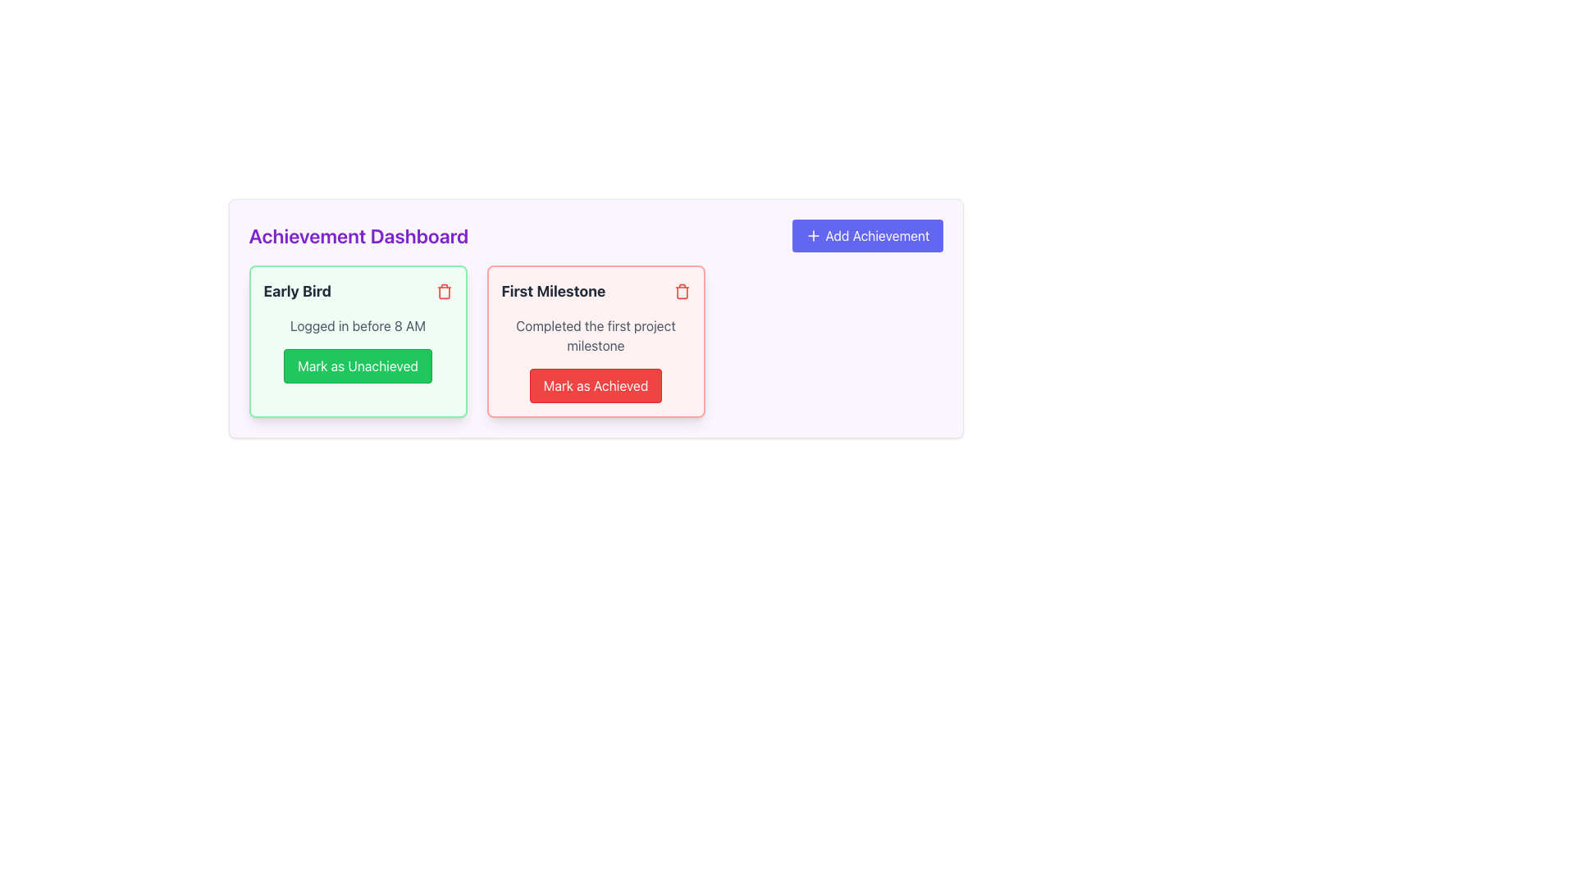 The image size is (1575, 885). I want to click on the icon within the blue 'Add Achievement' button located in the top-right corner of the interface, so click(814, 236).